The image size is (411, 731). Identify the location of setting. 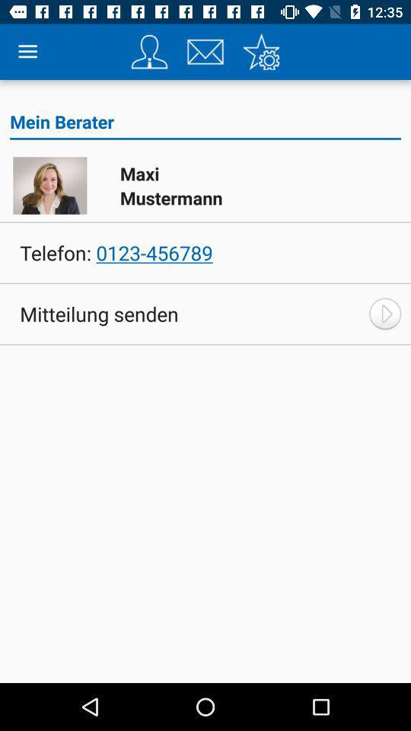
(260, 52).